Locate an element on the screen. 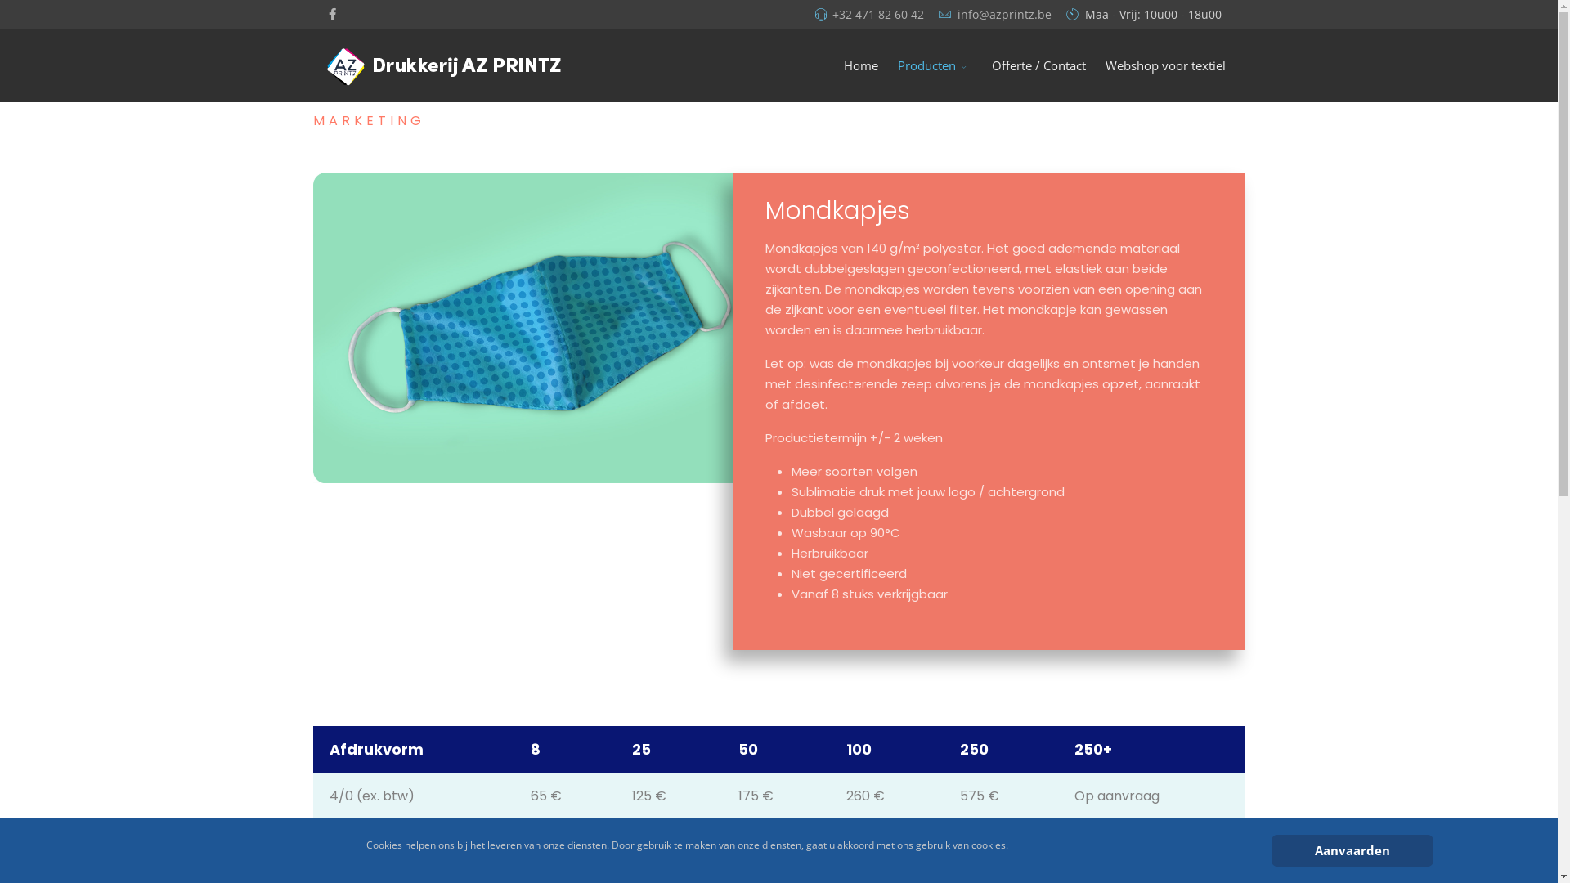 Image resolution: width=1570 pixels, height=883 pixels. 'Producten' is located at coordinates (886, 65).